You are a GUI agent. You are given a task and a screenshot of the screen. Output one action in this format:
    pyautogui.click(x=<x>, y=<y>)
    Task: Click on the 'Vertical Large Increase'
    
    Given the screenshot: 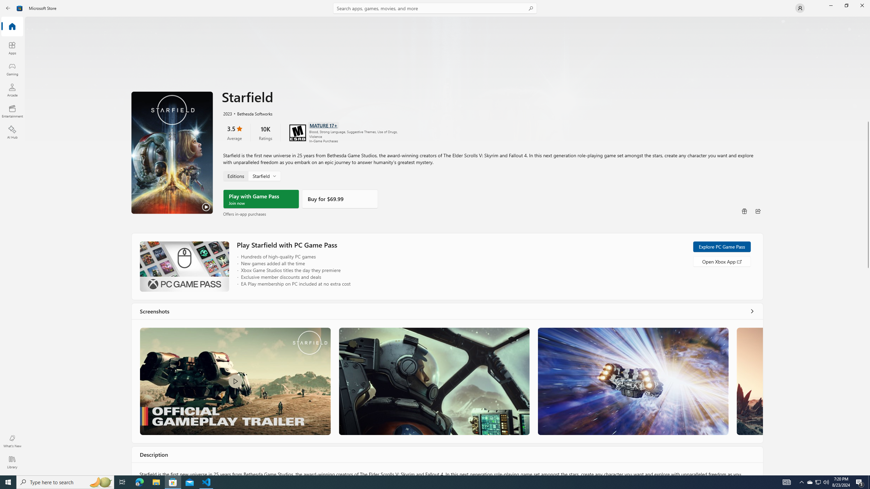 What is the action you would take?
    pyautogui.click(x=867, y=369)
    